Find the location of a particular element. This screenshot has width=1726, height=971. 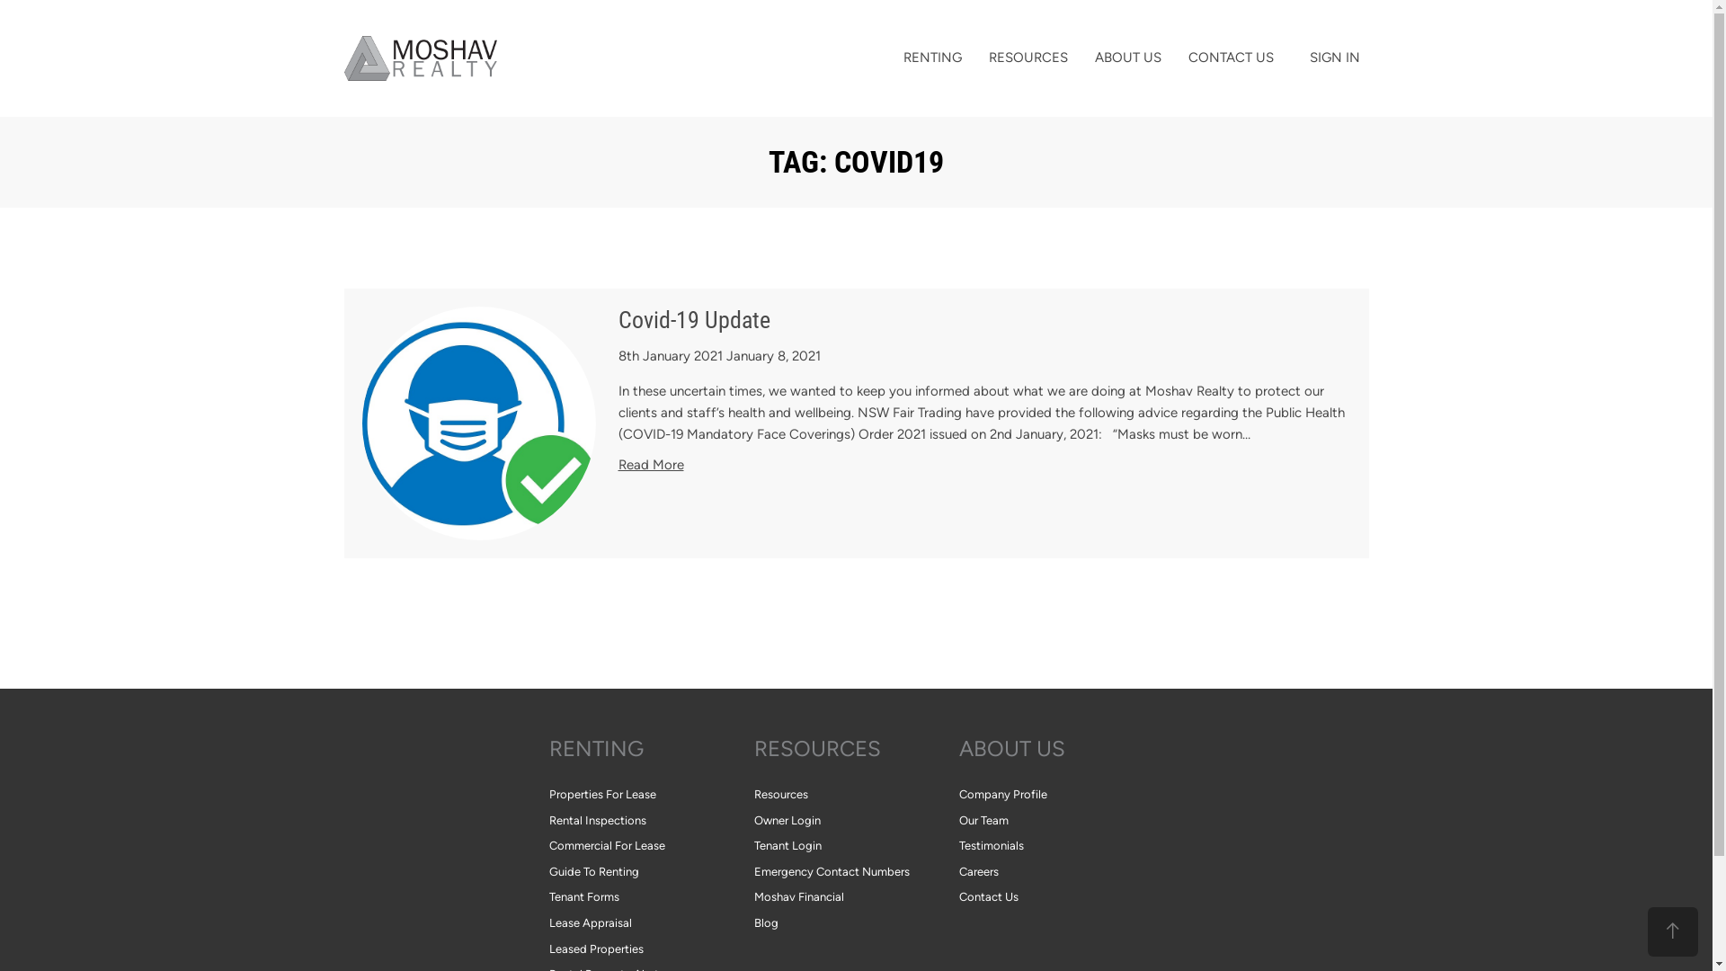

'Contact Us' is located at coordinates (956, 897).